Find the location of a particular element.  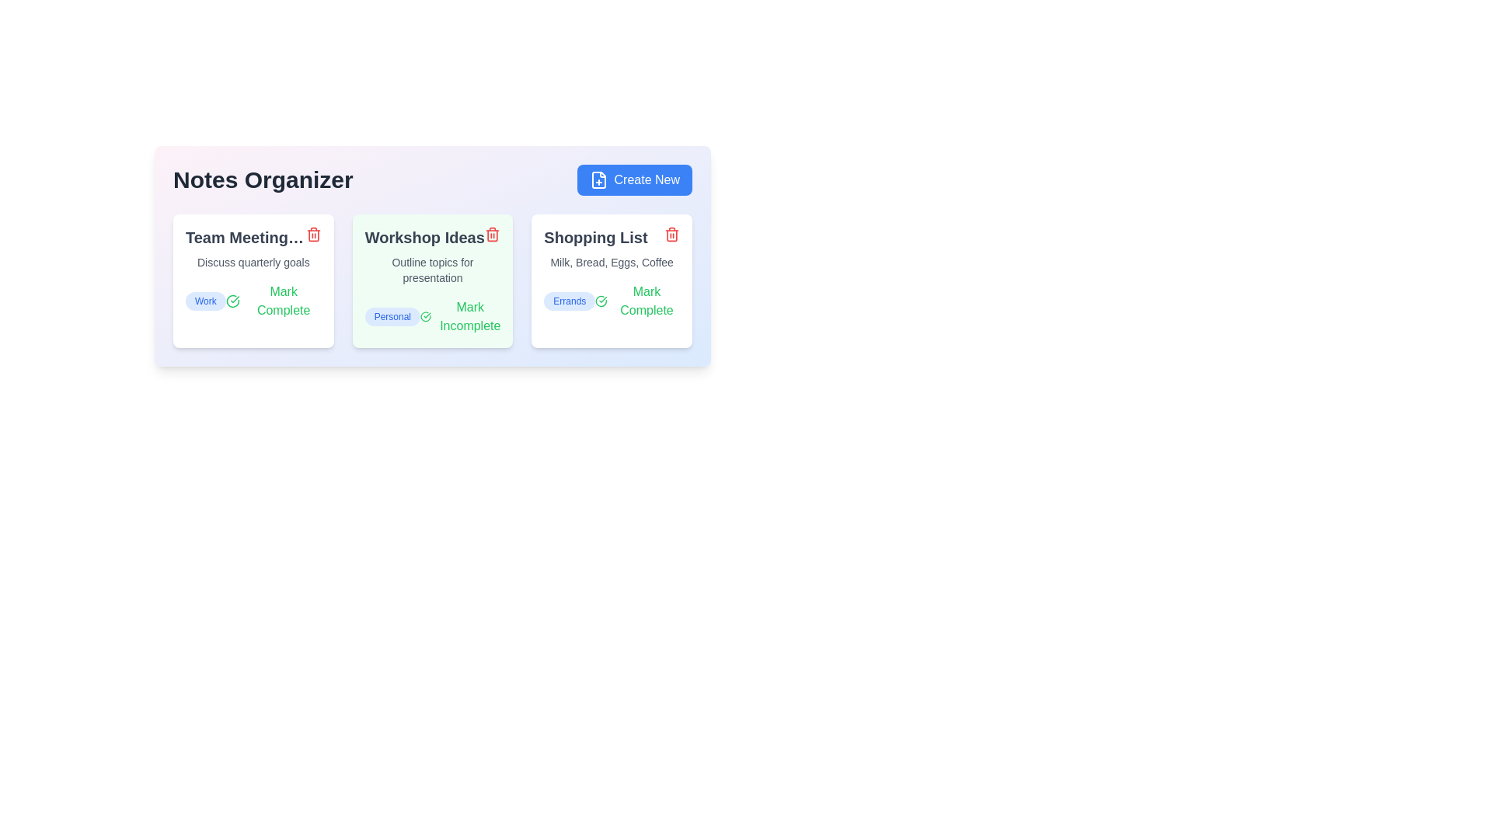

the toggle button for the note titled 'Workshop Ideas' to mark it as complete or incomplete is located at coordinates (461, 316).